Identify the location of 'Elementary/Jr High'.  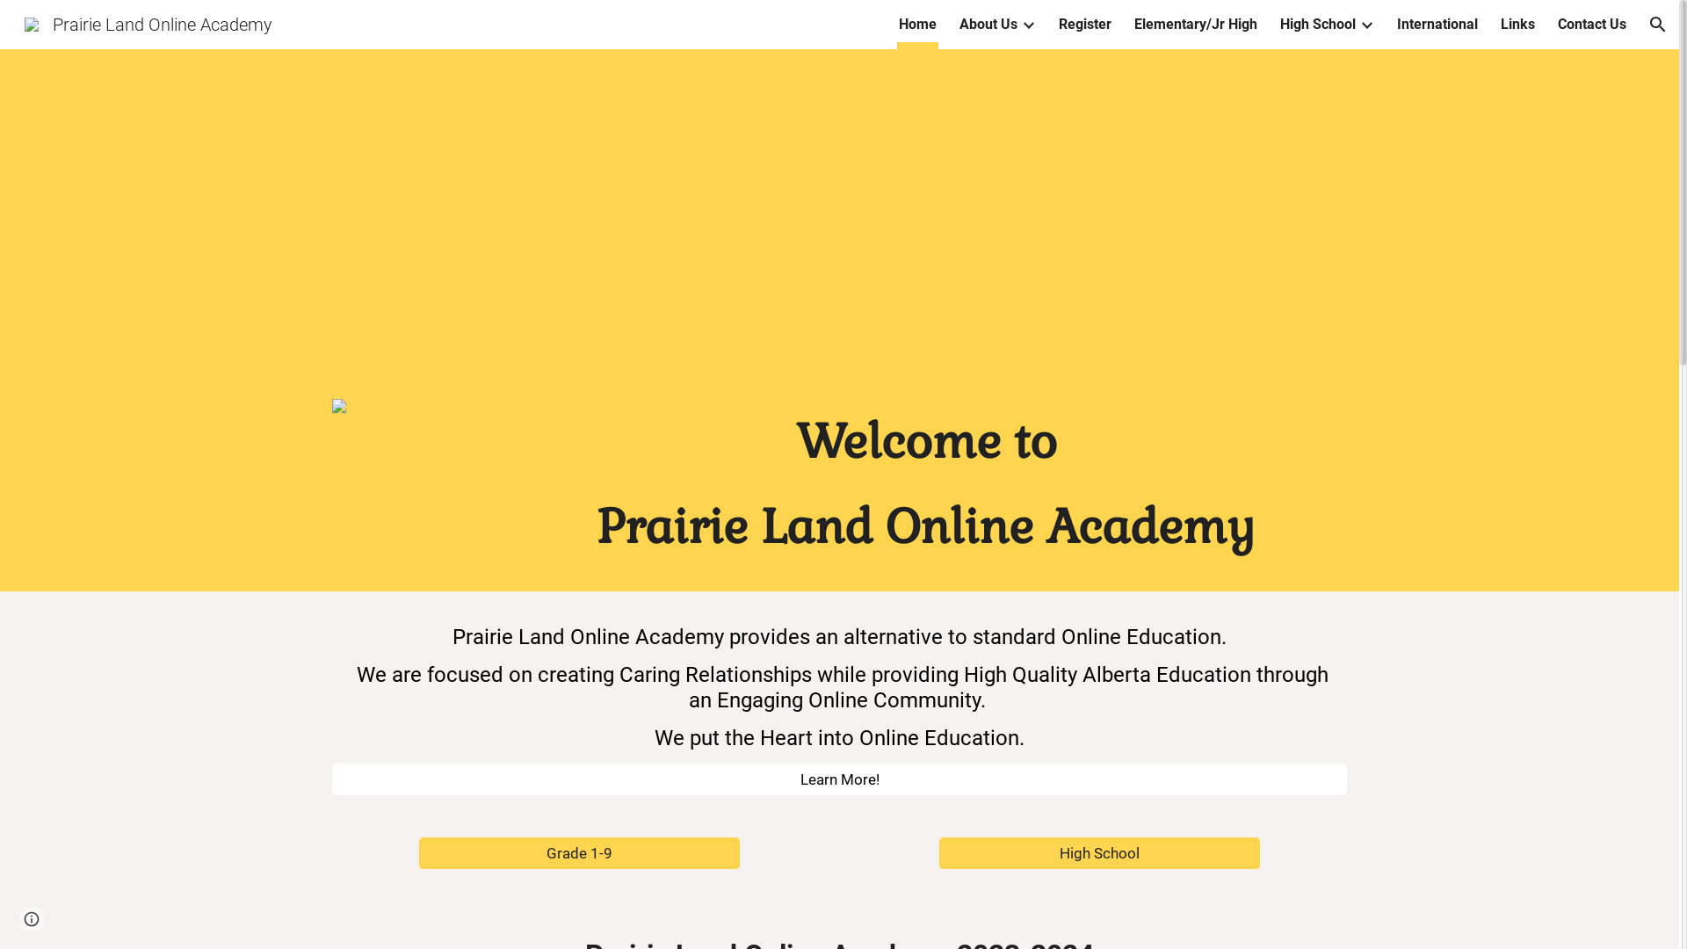
(1195, 24).